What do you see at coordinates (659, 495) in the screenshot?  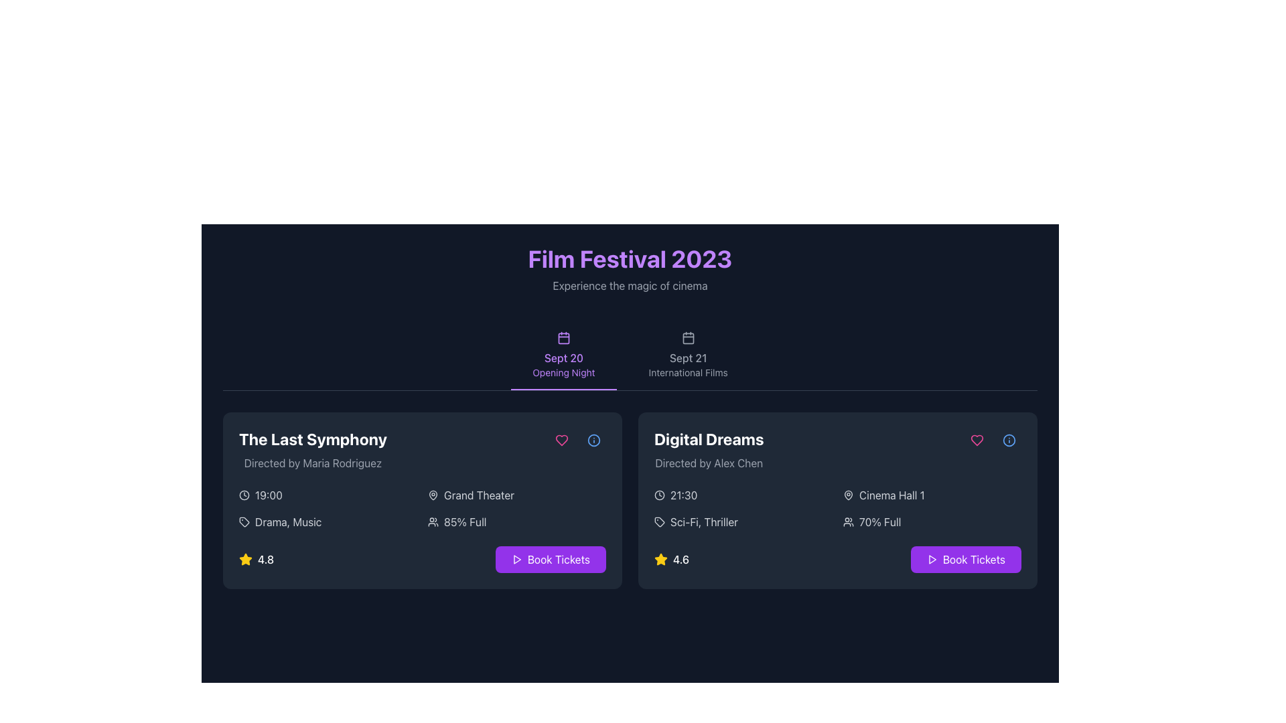 I see `the decorative SVG circle within the clock icon located near the '21:30' text under the 'Digital Dreams' section` at bounding box center [659, 495].